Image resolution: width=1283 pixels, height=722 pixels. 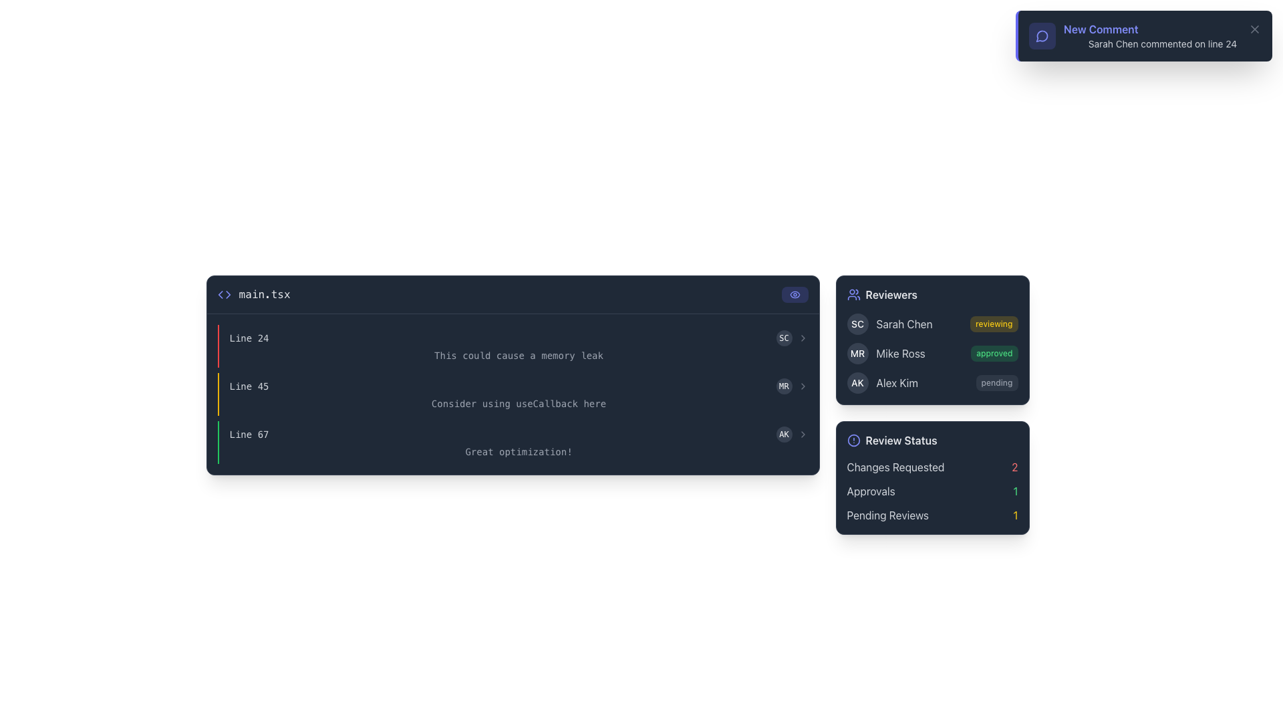 I want to click on the User Identity Display element that shows 'AK Alex Kim', located in the 'Reviewers' section as the third item, so click(x=882, y=383).